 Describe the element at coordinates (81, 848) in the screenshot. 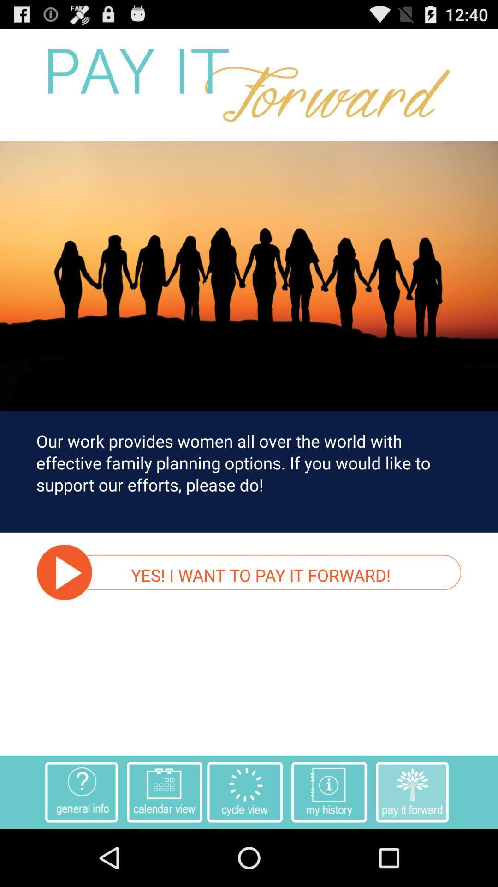

I see `the help icon` at that location.